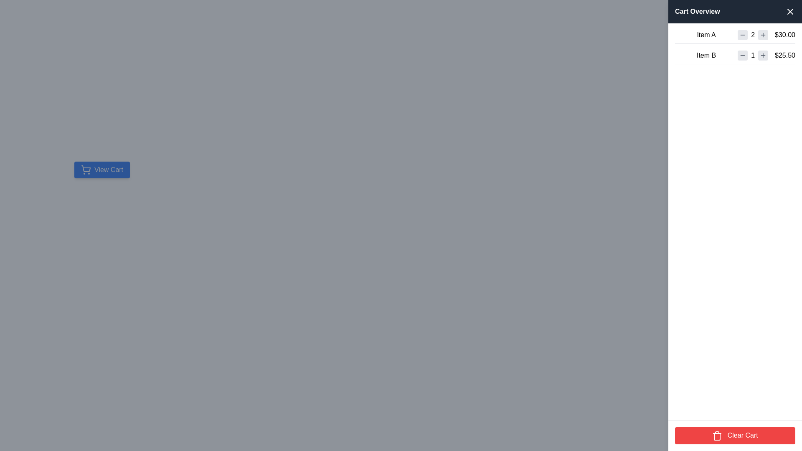 This screenshot has width=802, height=451. What do you see at coordinates (789, 11) in the screenshot?
I see `the button located in the top-right corner of the 'Cart Overview' section` at bounding box center [789, 11].